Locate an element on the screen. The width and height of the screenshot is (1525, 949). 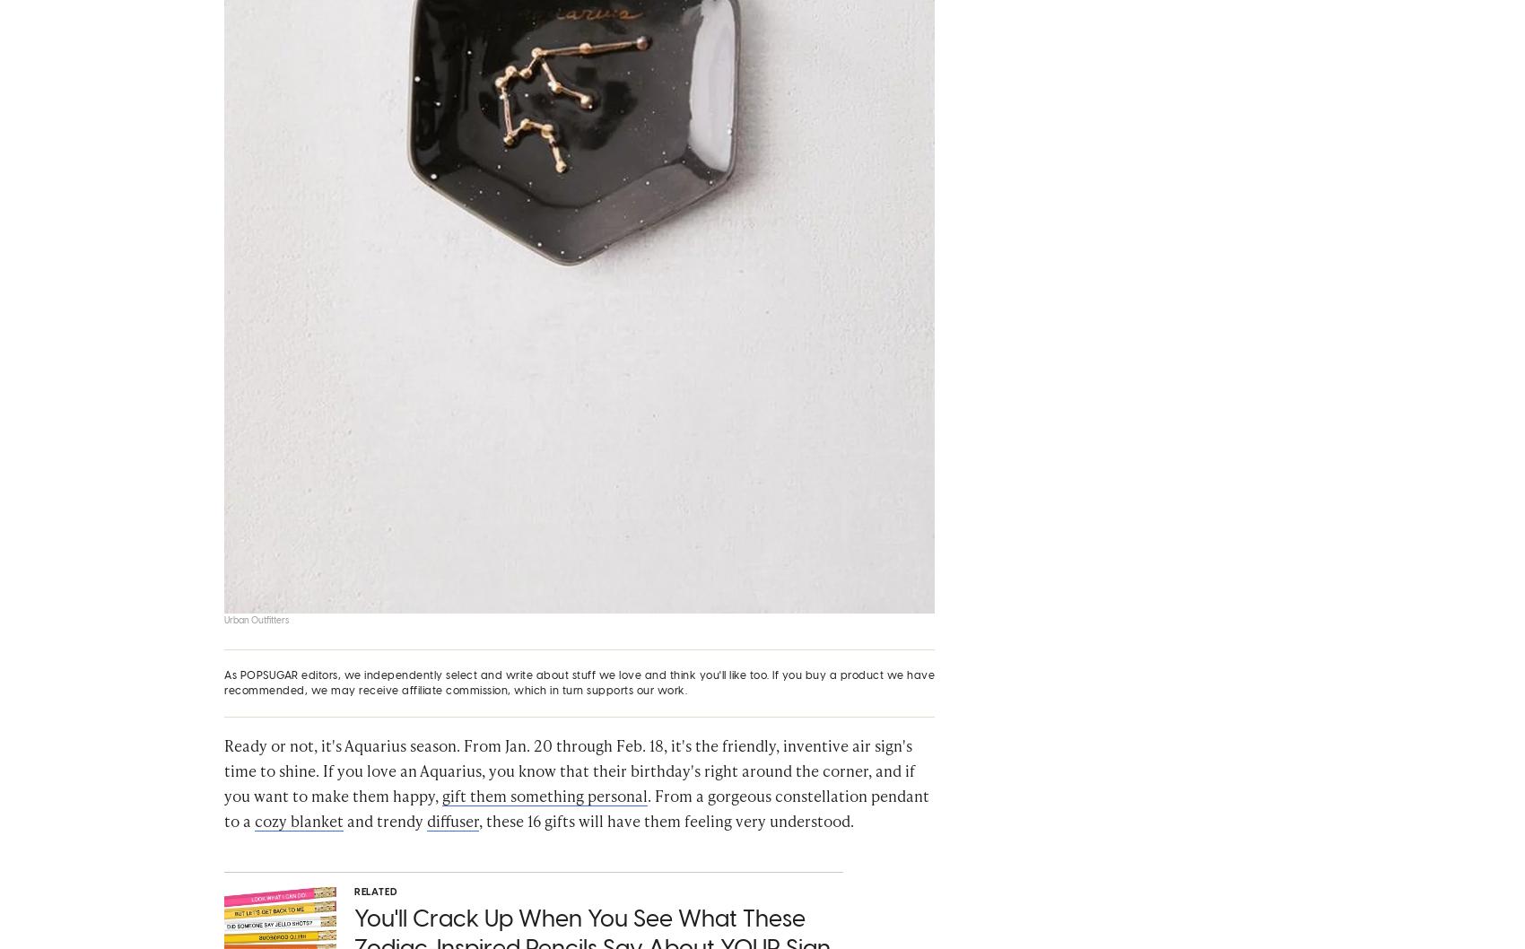
'gift them something personal' is located at coordinates (544, 803).